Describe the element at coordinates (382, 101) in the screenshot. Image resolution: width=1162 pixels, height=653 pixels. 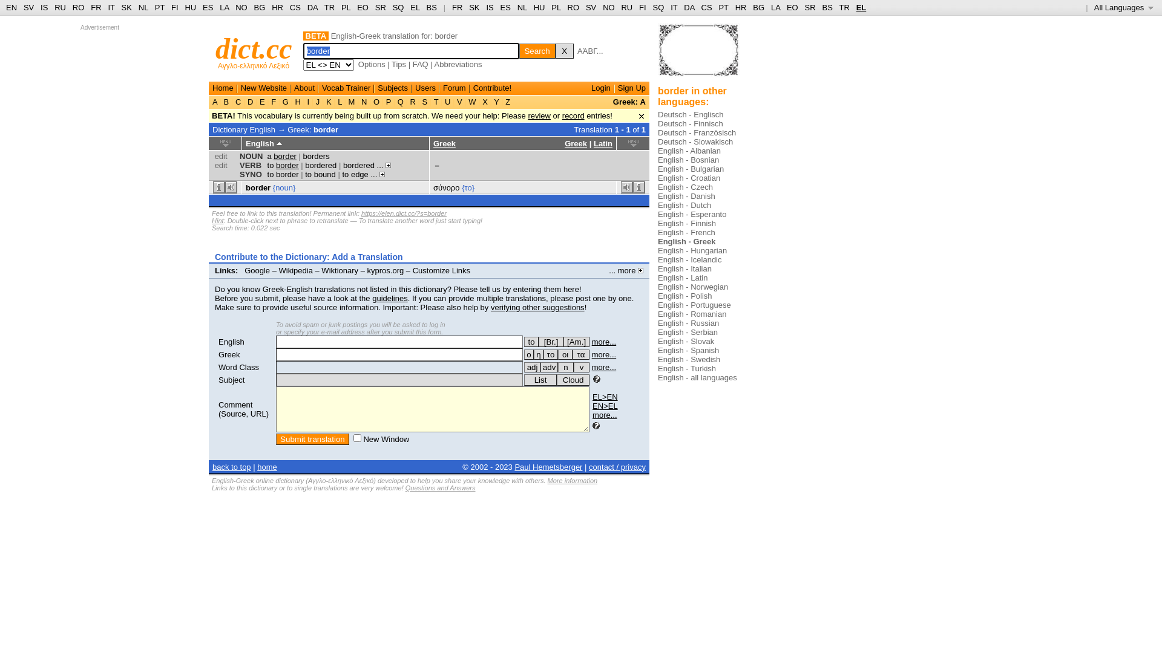
I see `'P'` at that location.